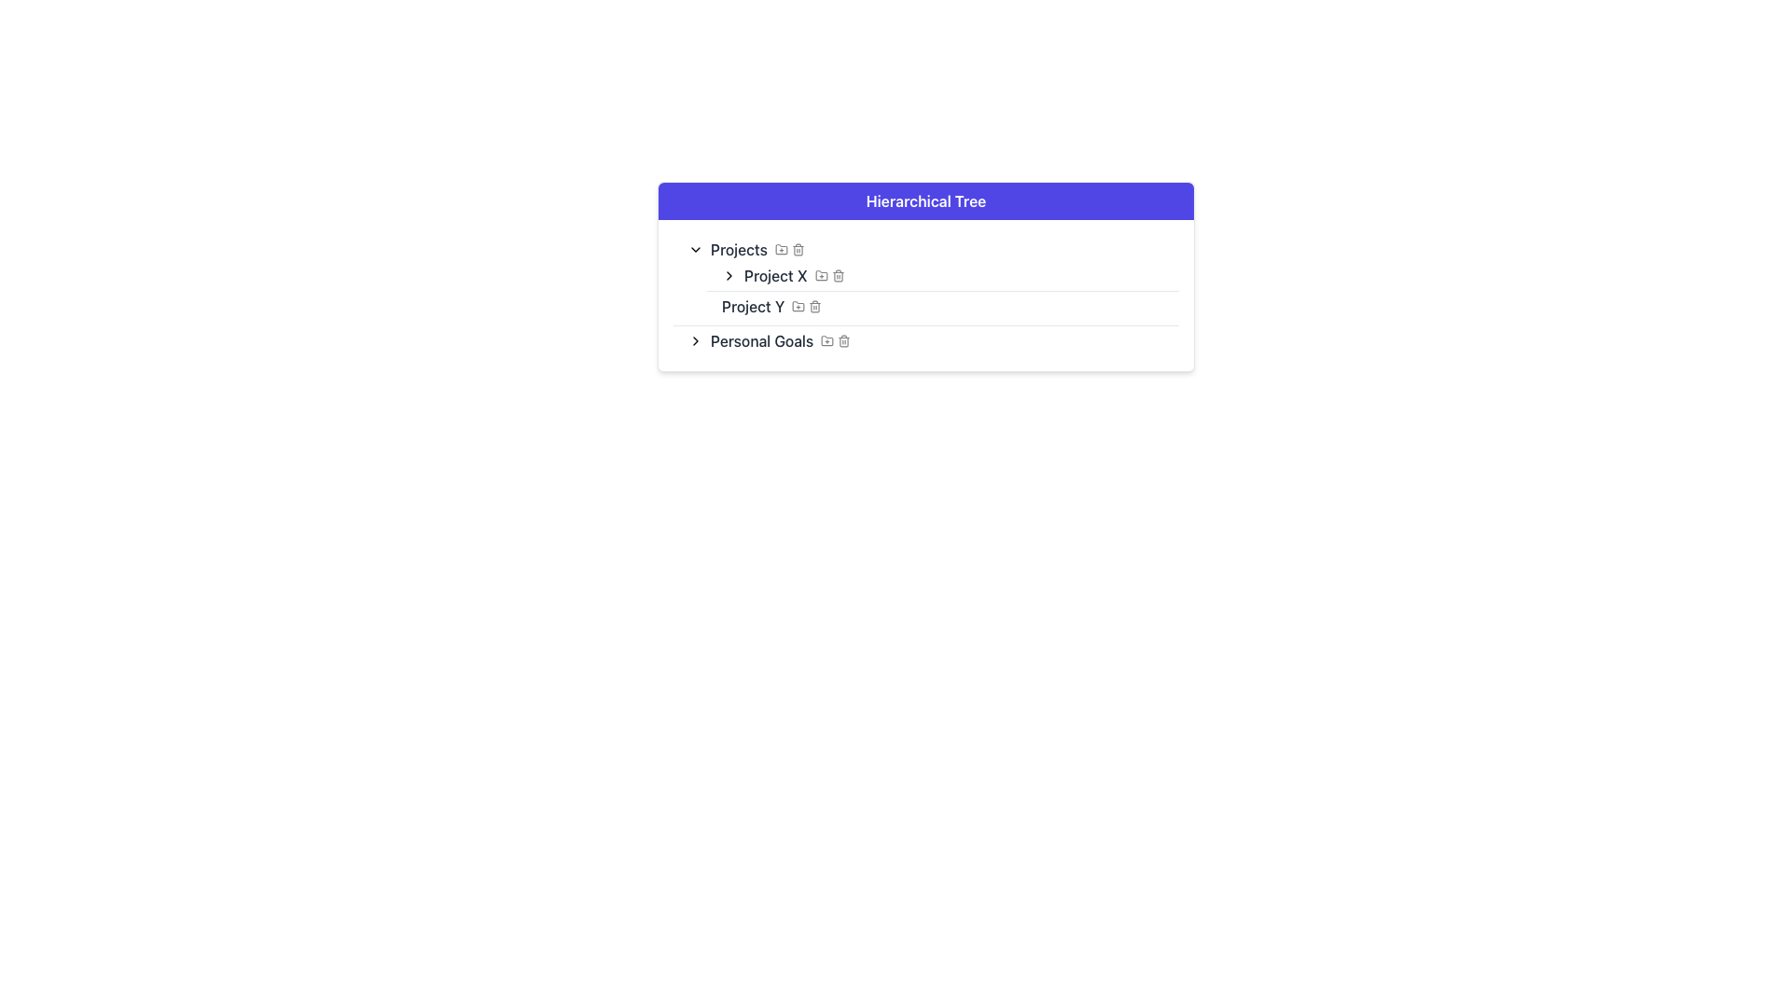  Describe the element at coordinates (843, 341) in the screenshot. I see `the trash bin icon located next to the 'Personal Goals' text in the hierarchical tree interface` at that location.